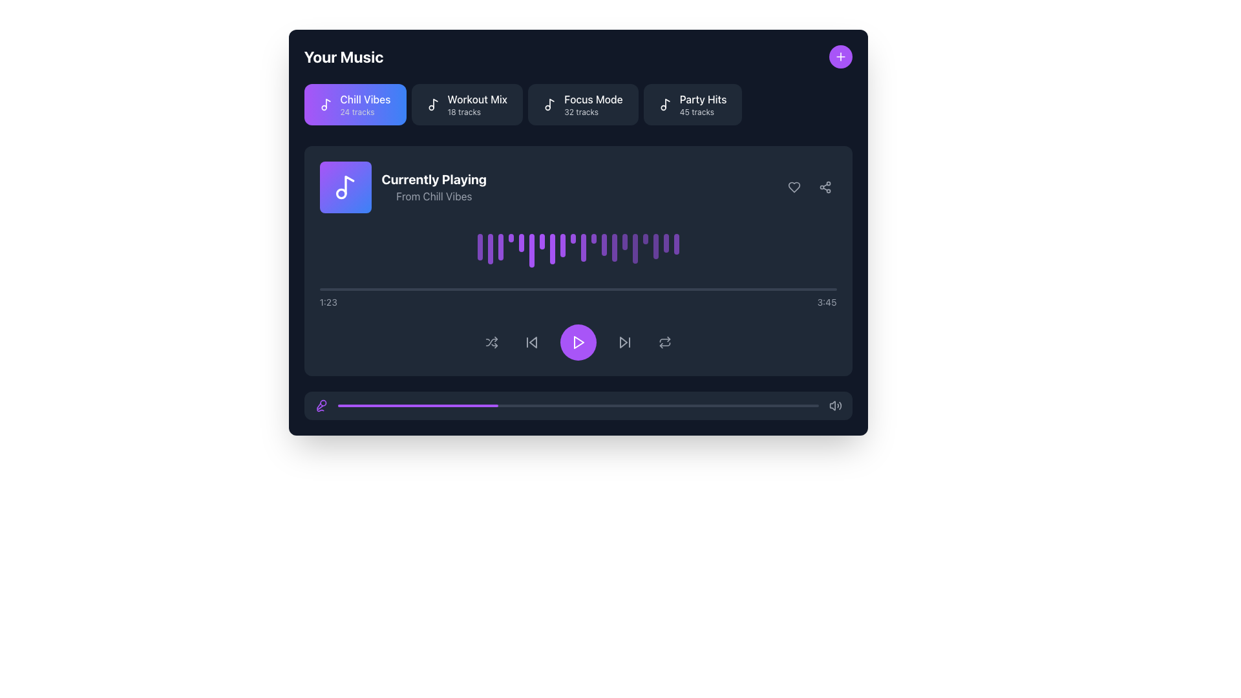 The height and width of the screenshot is (698, 1241). I want to click on the triangular play button located centrally in the playback control panel, so click(578, 342).